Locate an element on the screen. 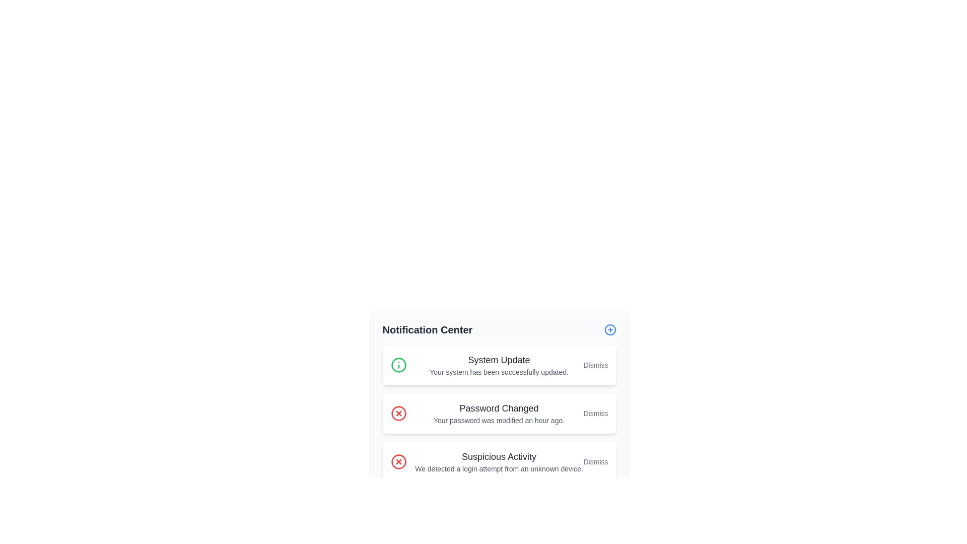  the button located at the top-right corner of the 'Notification Center' is located at coordinates (609, 330).